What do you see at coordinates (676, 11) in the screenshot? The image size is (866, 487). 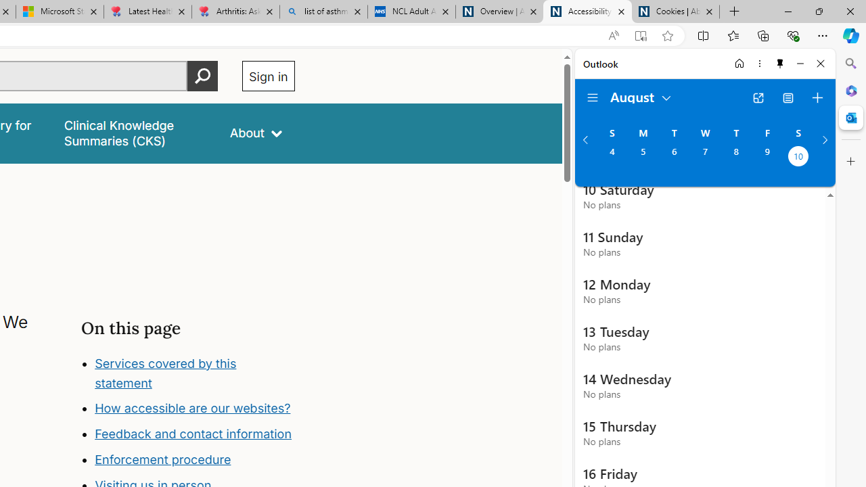 I see `'Cookies | About | NICE'` at bounding box center [676, 11].